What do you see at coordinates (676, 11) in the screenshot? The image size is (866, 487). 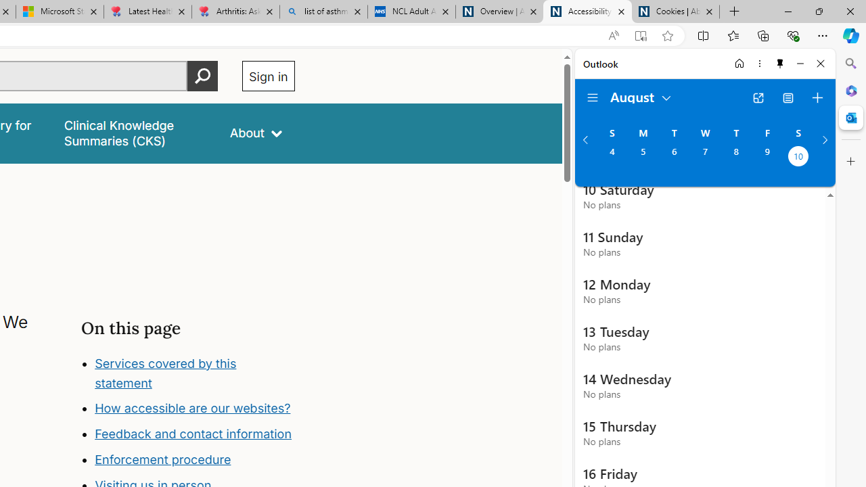 I see `'Cookies | About | NICE'` at bounding box center [676, 11].